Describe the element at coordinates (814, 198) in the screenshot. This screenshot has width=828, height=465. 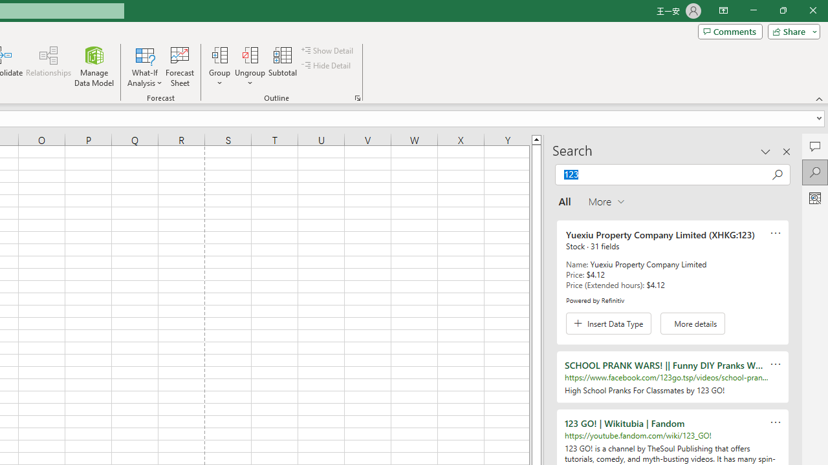
I see `'Analyze Data'` at that location.